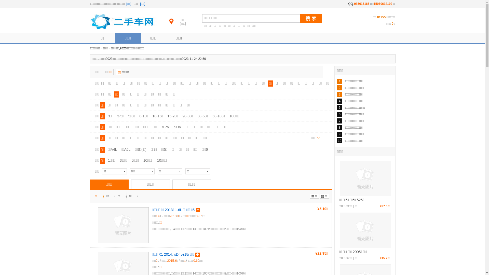 The width and height of the screenshot is (489, 275). What do you see at coordinates (172, 127) in the screenshot?
I see `'SUV'` at bounding box center [172, 127].